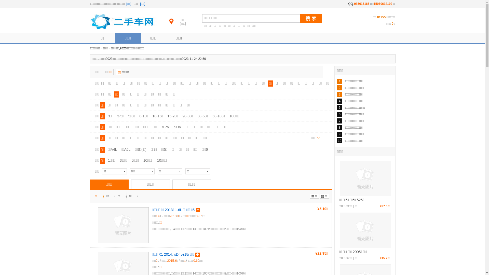 The width and height of the screenshot is (489, 275). What do you see at coordinates (172, 127) in the screenshot?
I see `'SUV'` at bounding box center [172, 127].